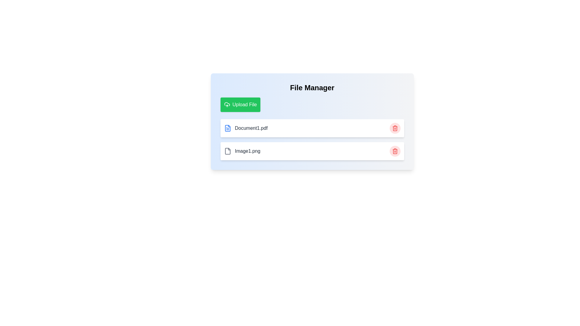  I want to click on the green button labeled 'Upload File', so click(227, 104).